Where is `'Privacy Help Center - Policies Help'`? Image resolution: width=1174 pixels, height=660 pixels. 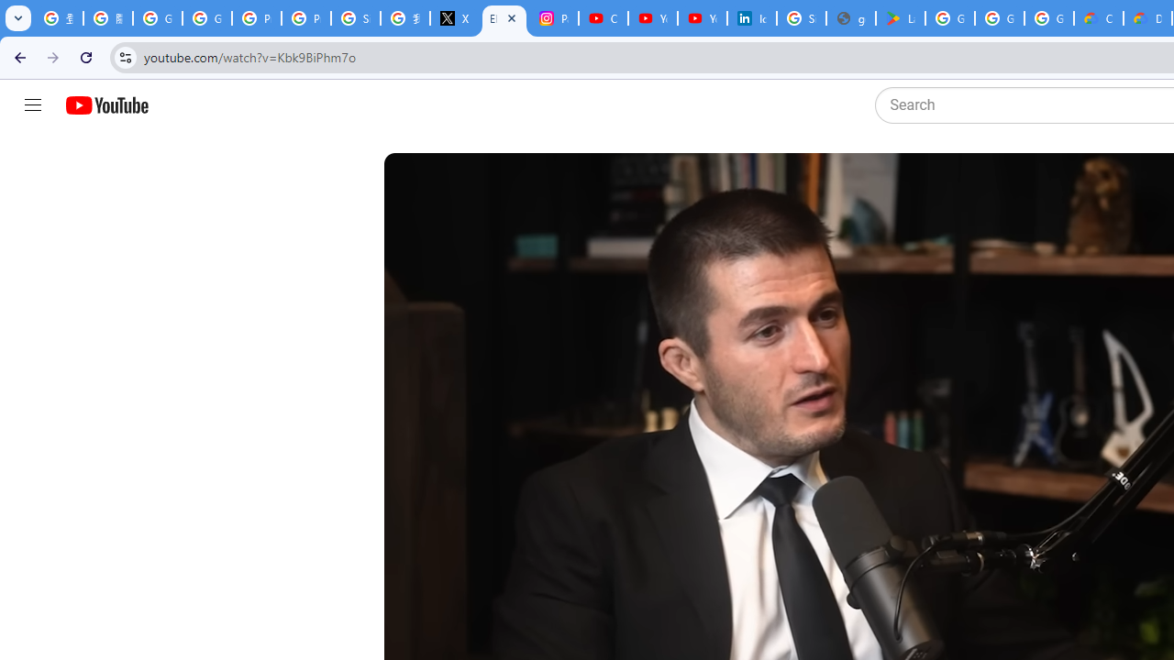 'Privacy Help Center - Policies Help' is located at coordinates (256, 18).